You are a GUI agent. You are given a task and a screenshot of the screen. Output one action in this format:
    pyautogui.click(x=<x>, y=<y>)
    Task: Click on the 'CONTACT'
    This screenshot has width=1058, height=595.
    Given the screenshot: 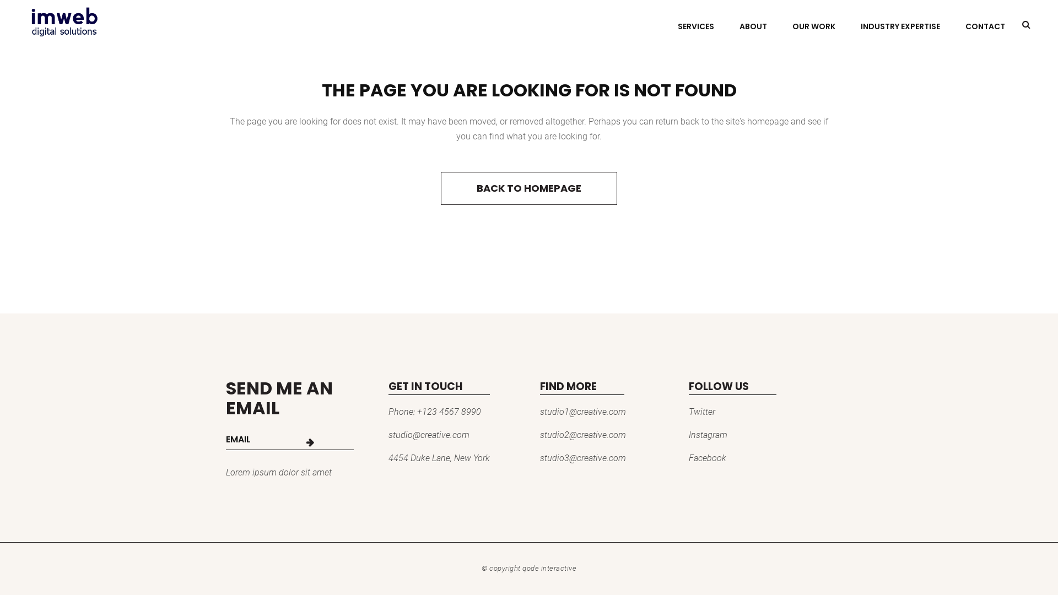 What is the action you would take?
    pyautogui.click(x=985, y=25)
    